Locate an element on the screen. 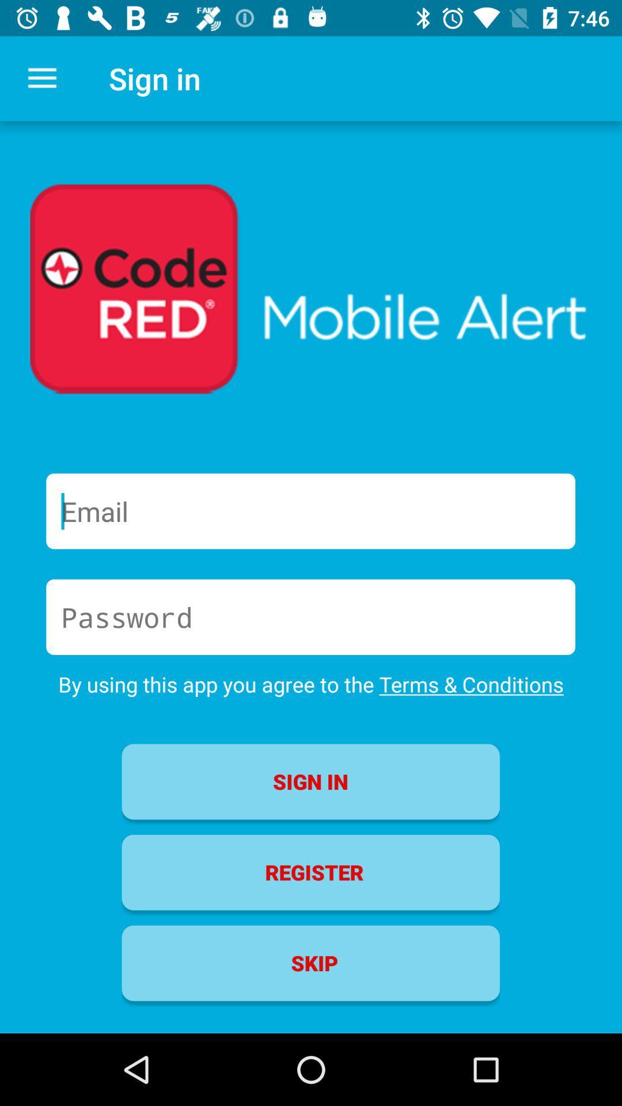  the item to the left of sign in is located at coordinates (41, 78).